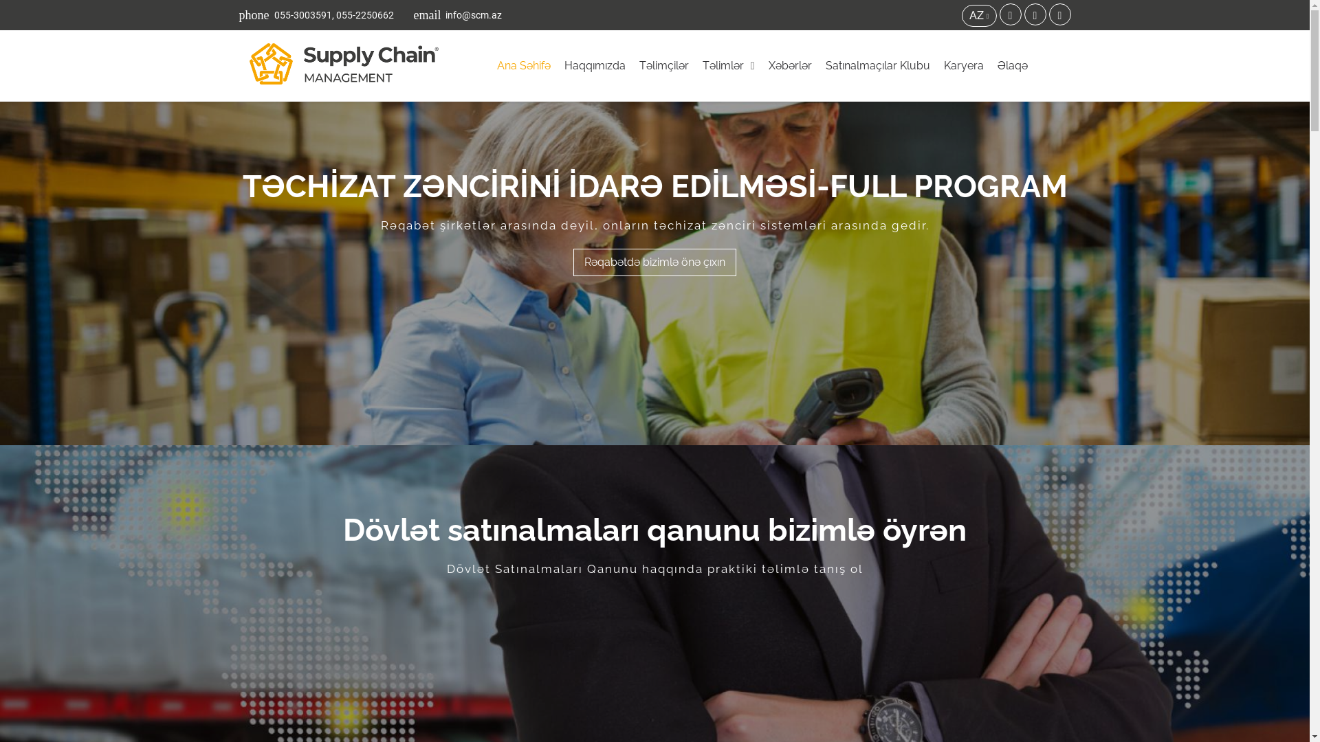 This screenshot has height=742, width=1320. What do you see at coordinates (962, 66) in the screenshot?
I see `'Karyera'` at bounding box center [962, 66].